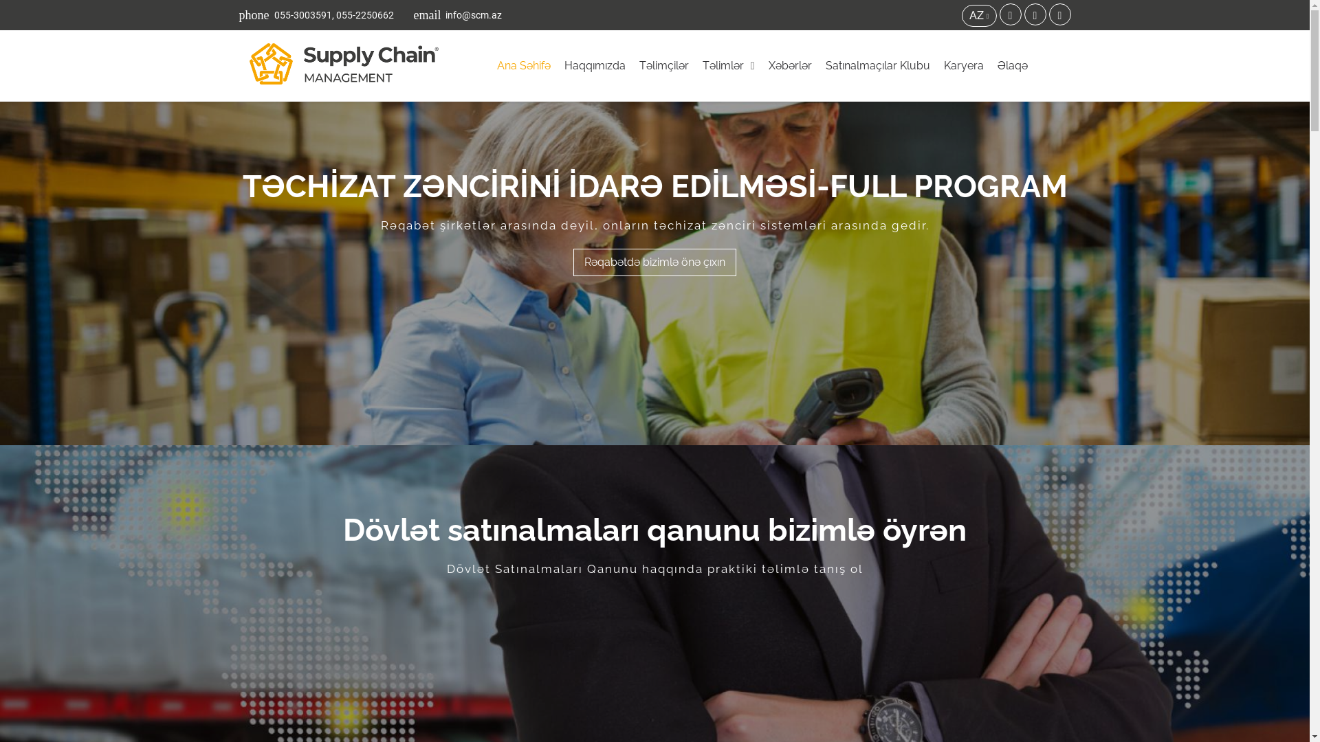 This screenshot has height=742, width=1320. What do you see at coordinates (962, 66) in the screenshot?
I see `'Karyera'` at bounding box center [962, 66].